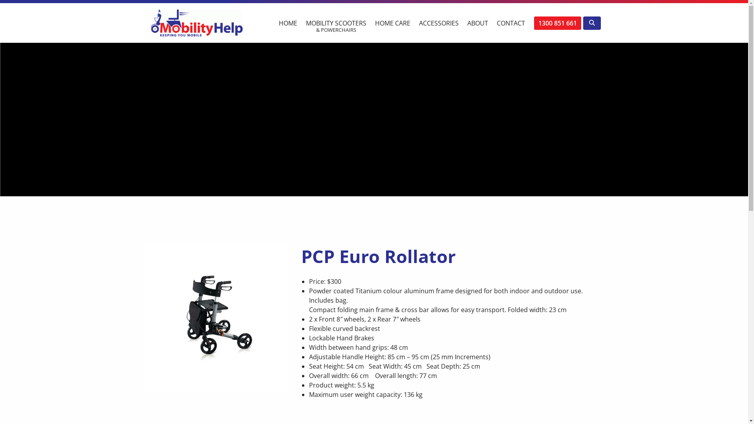 The height and width of the screenshot is (424, 754). Describe the element at coordinates (392, 19) in the screenshot. I see `'HOME CARE'` at that location.